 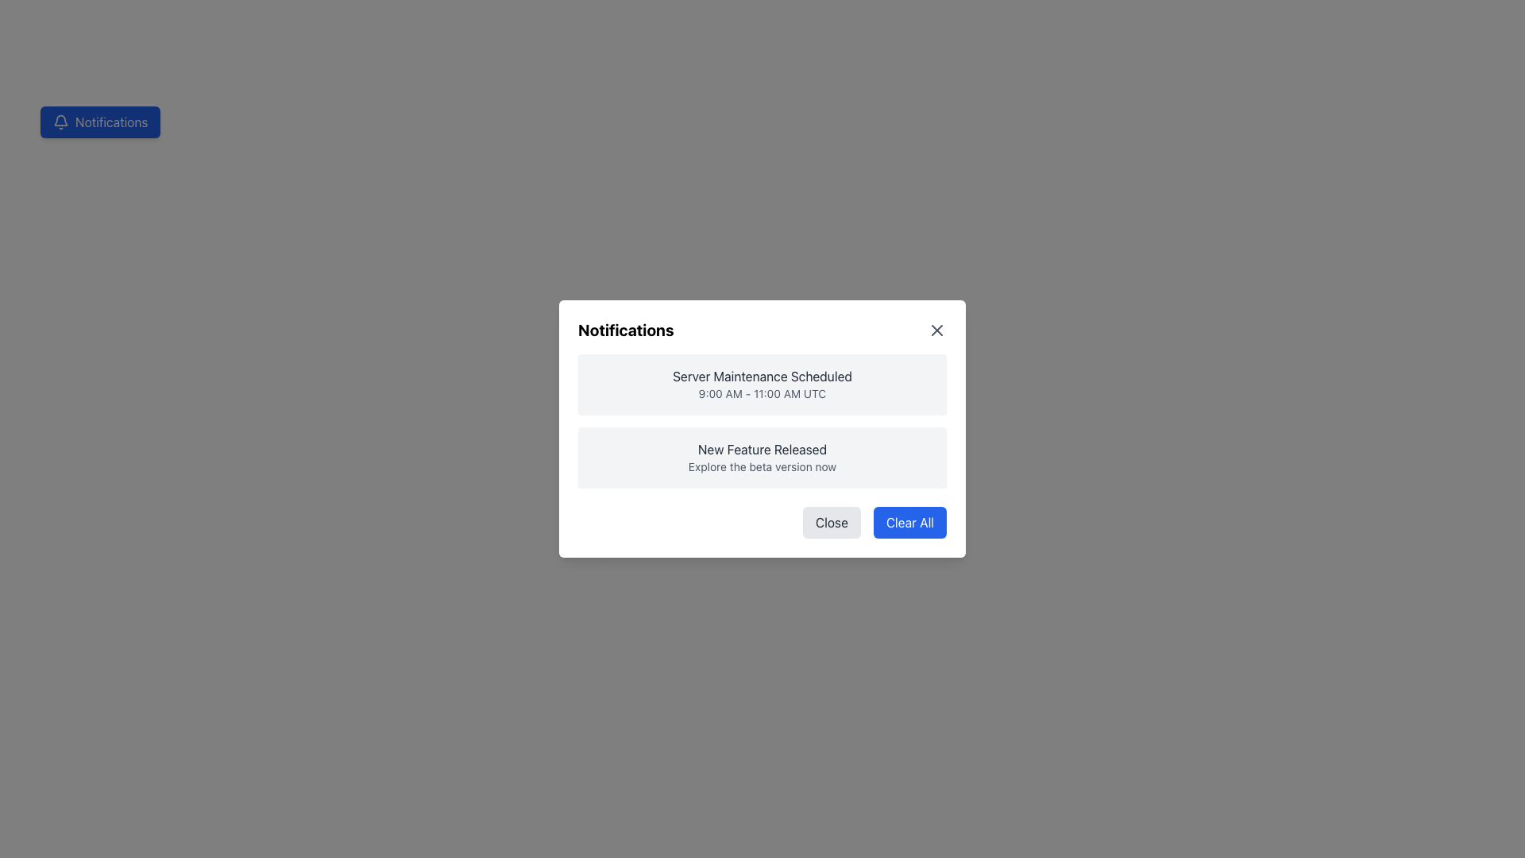 What do you see at coordinates (625, 330) in the screenshot?
I see `the bold text titled 'Notifications' which is positioned at the top-left corner of the modal window` at bounding box center [625, 330].